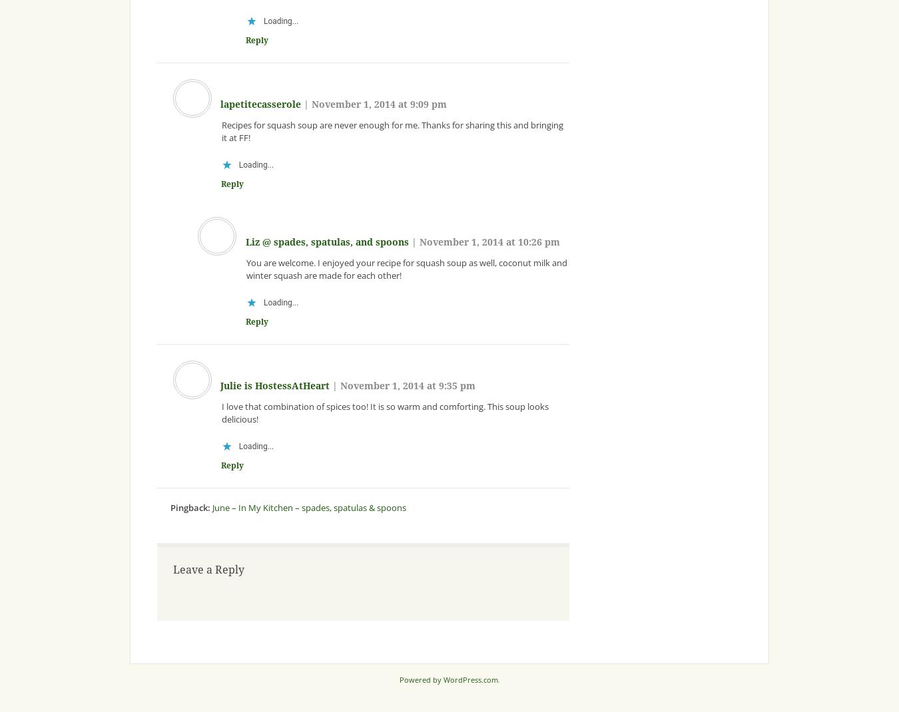  Describe the element at coordinates (497, 679) in the screenshot. I see `'.'` at that location.